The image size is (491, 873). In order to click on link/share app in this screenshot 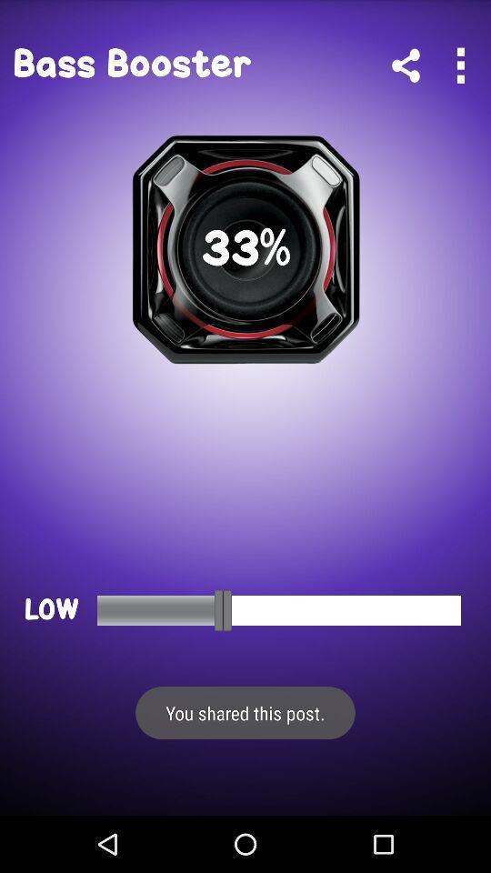, I will do `click(406, 65)`.